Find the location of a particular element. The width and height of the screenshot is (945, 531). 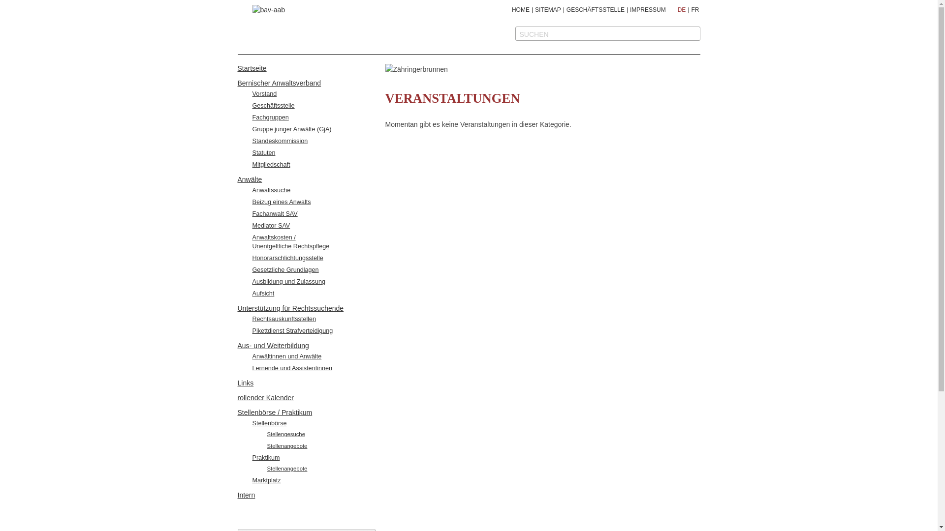

'Vorstand' is located at coordinates (264, 94).